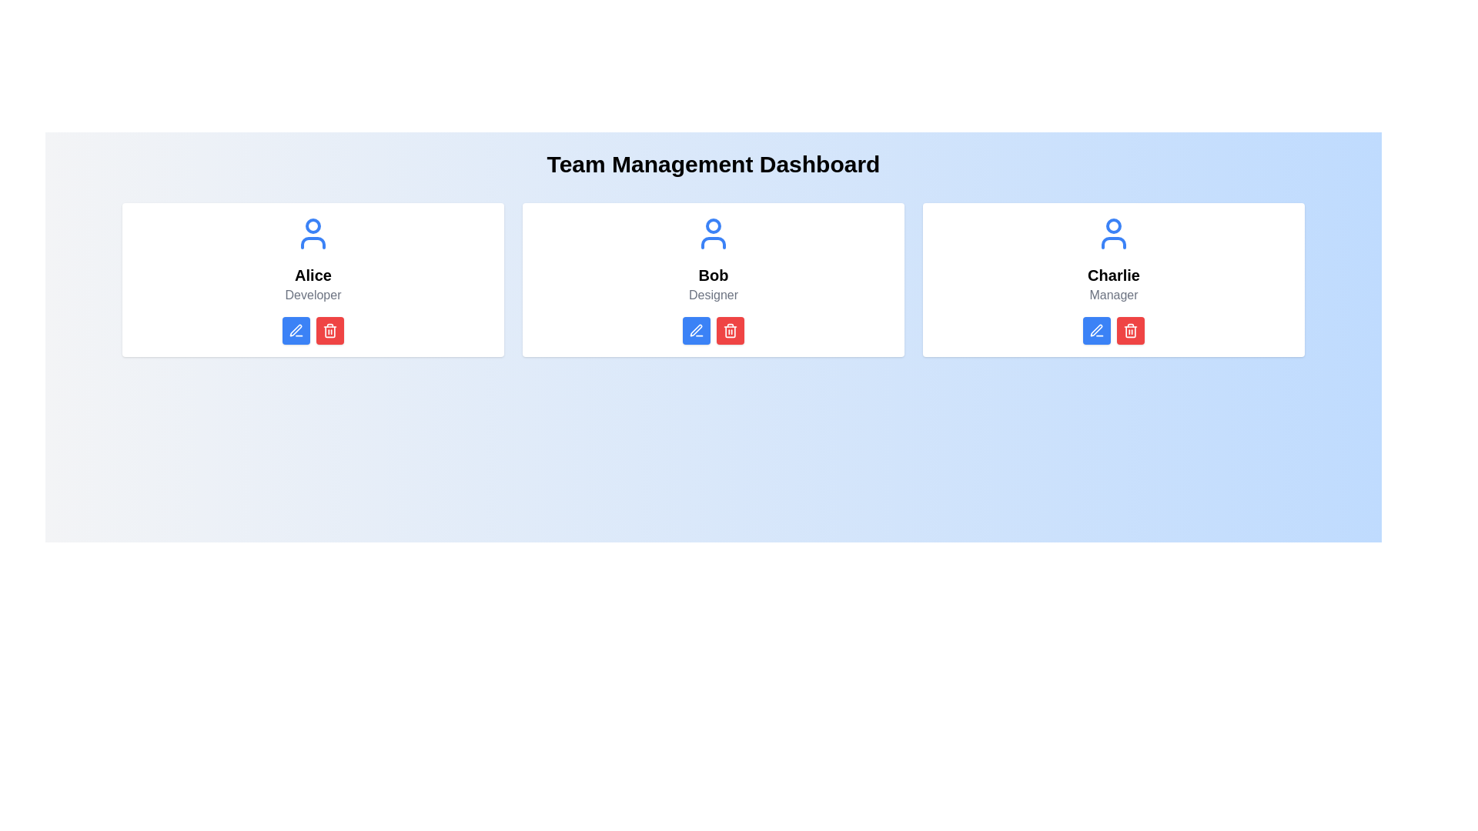 This screenshot has height=831, width=1478. Describe the element at coordinates (313, 234) in the screenshot. I see `the profile icon representing Alice, located at the top center of her information card` at that location.